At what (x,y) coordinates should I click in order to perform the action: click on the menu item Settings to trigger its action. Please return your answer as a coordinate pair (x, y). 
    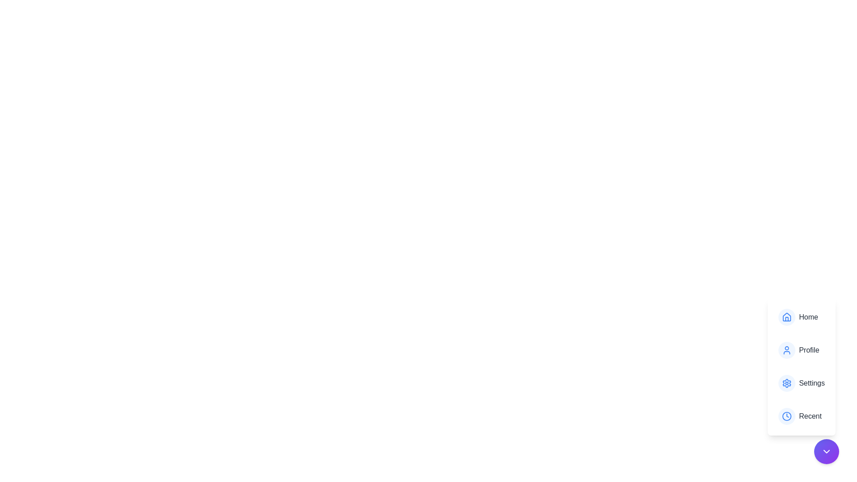
    Looking at the image, I should click on (802, 383).